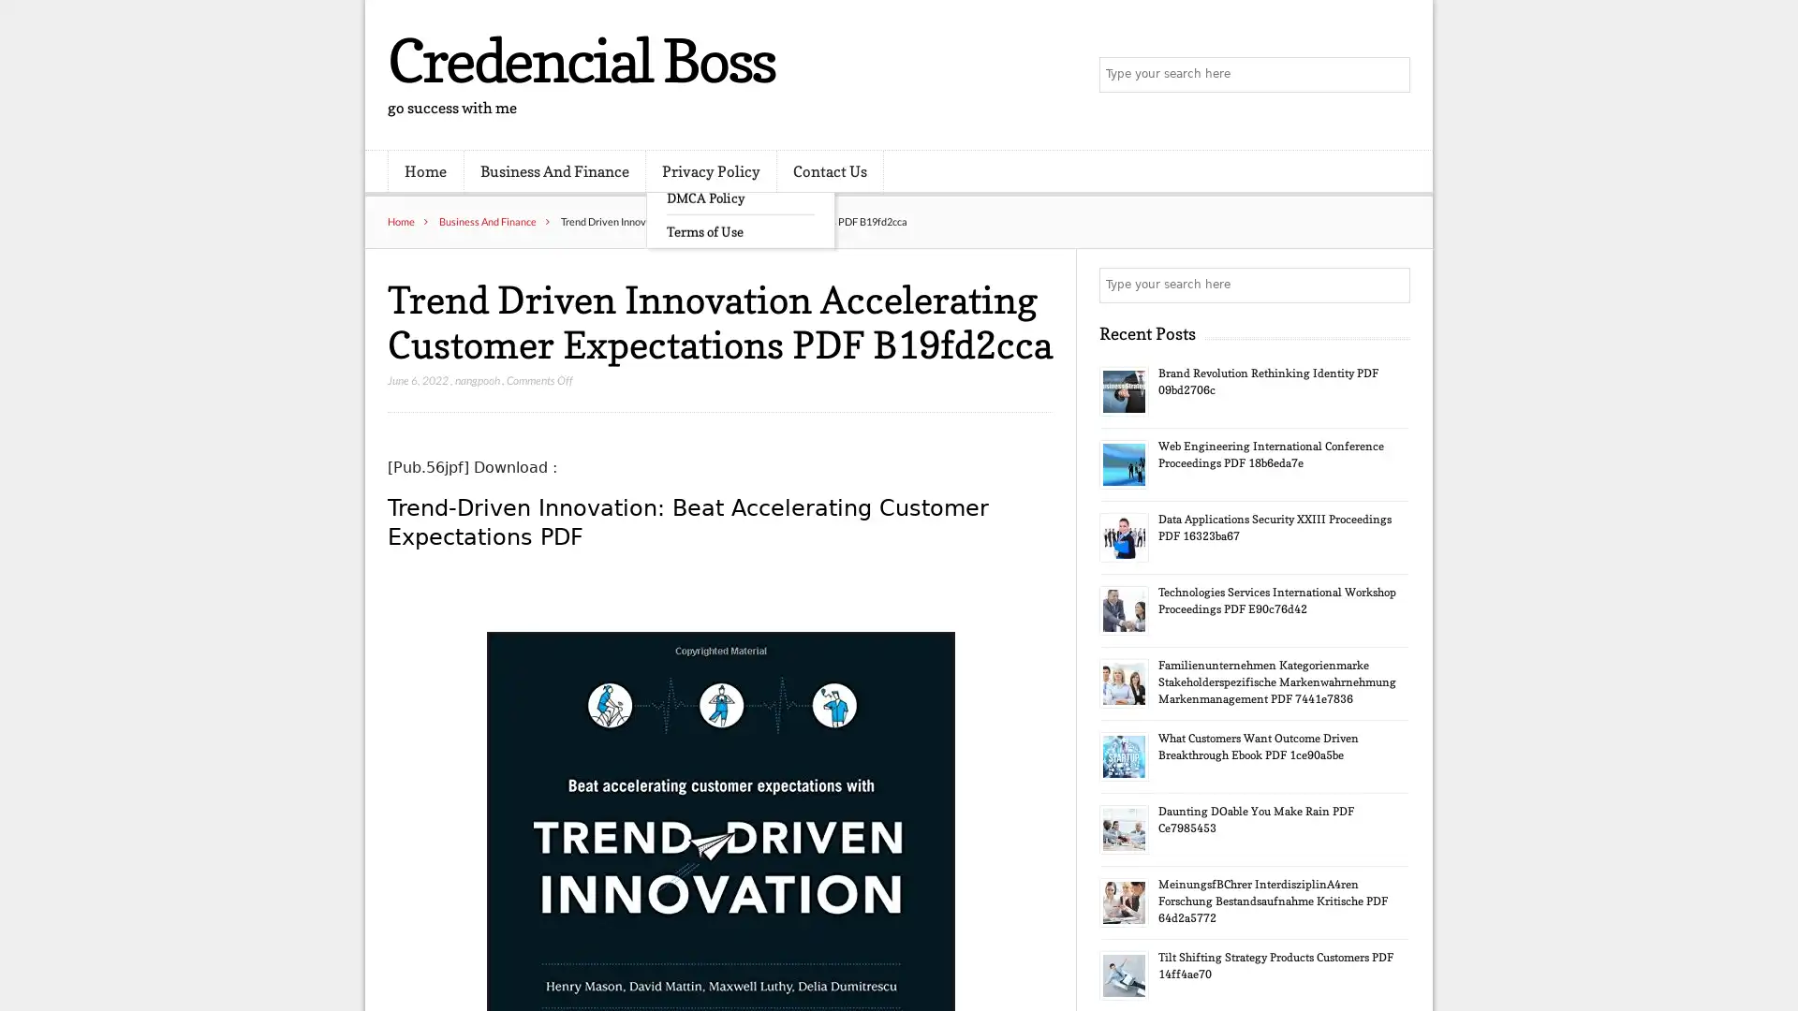 The height and width of the screenshot is (1011, 1798). What do you see at coordinates (1391, 75) in the screenshot?
I see `Search` at bounding box center [1391, 75].